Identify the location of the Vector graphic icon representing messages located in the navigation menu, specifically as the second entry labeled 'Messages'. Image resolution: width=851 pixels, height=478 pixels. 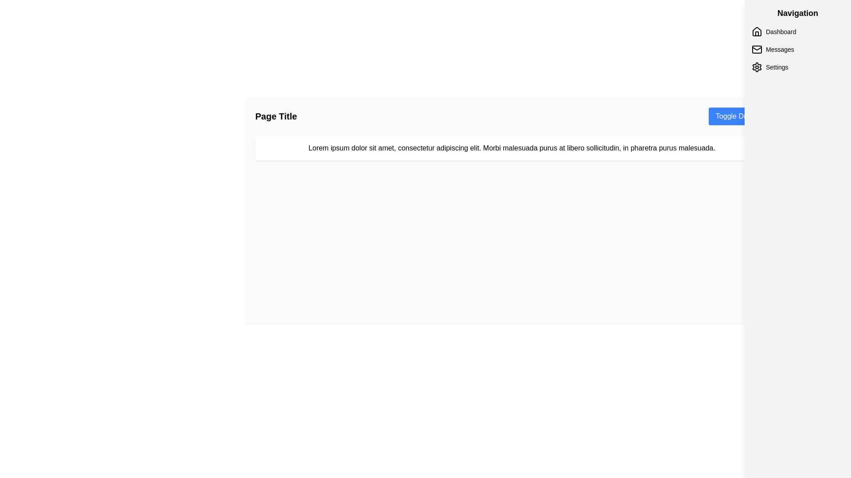
(757, 49).